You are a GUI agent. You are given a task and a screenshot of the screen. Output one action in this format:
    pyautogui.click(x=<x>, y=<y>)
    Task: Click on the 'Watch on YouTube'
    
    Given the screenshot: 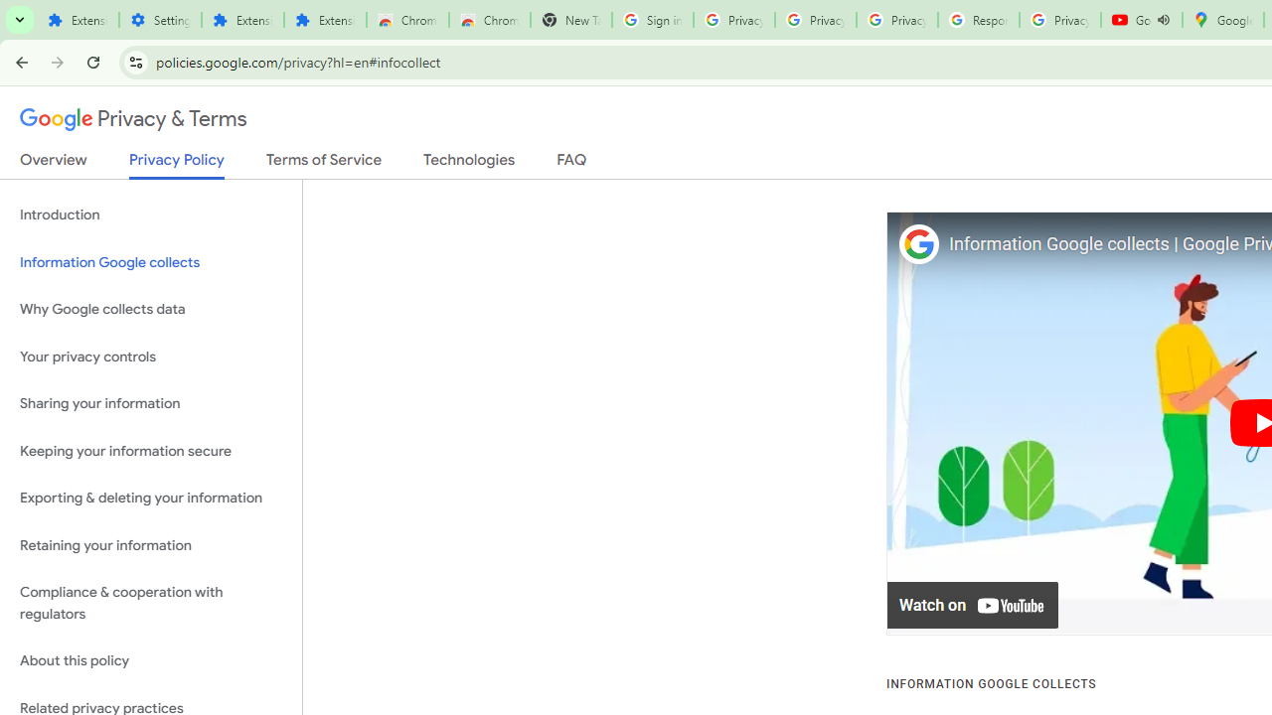 What is the action you would take?
    pyautogui.click(x=973, y=605)
    